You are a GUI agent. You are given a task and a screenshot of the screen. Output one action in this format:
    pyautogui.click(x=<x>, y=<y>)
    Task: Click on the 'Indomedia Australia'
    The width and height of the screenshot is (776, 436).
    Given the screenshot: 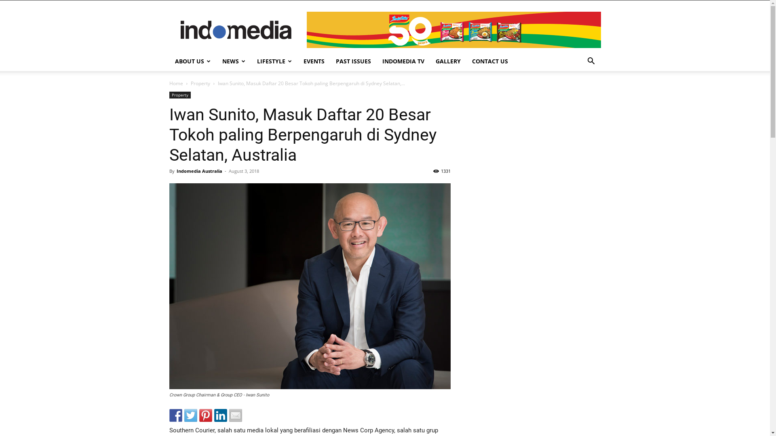 What is the action you would take?
    pyautogui.click(x=199, y=170)
    